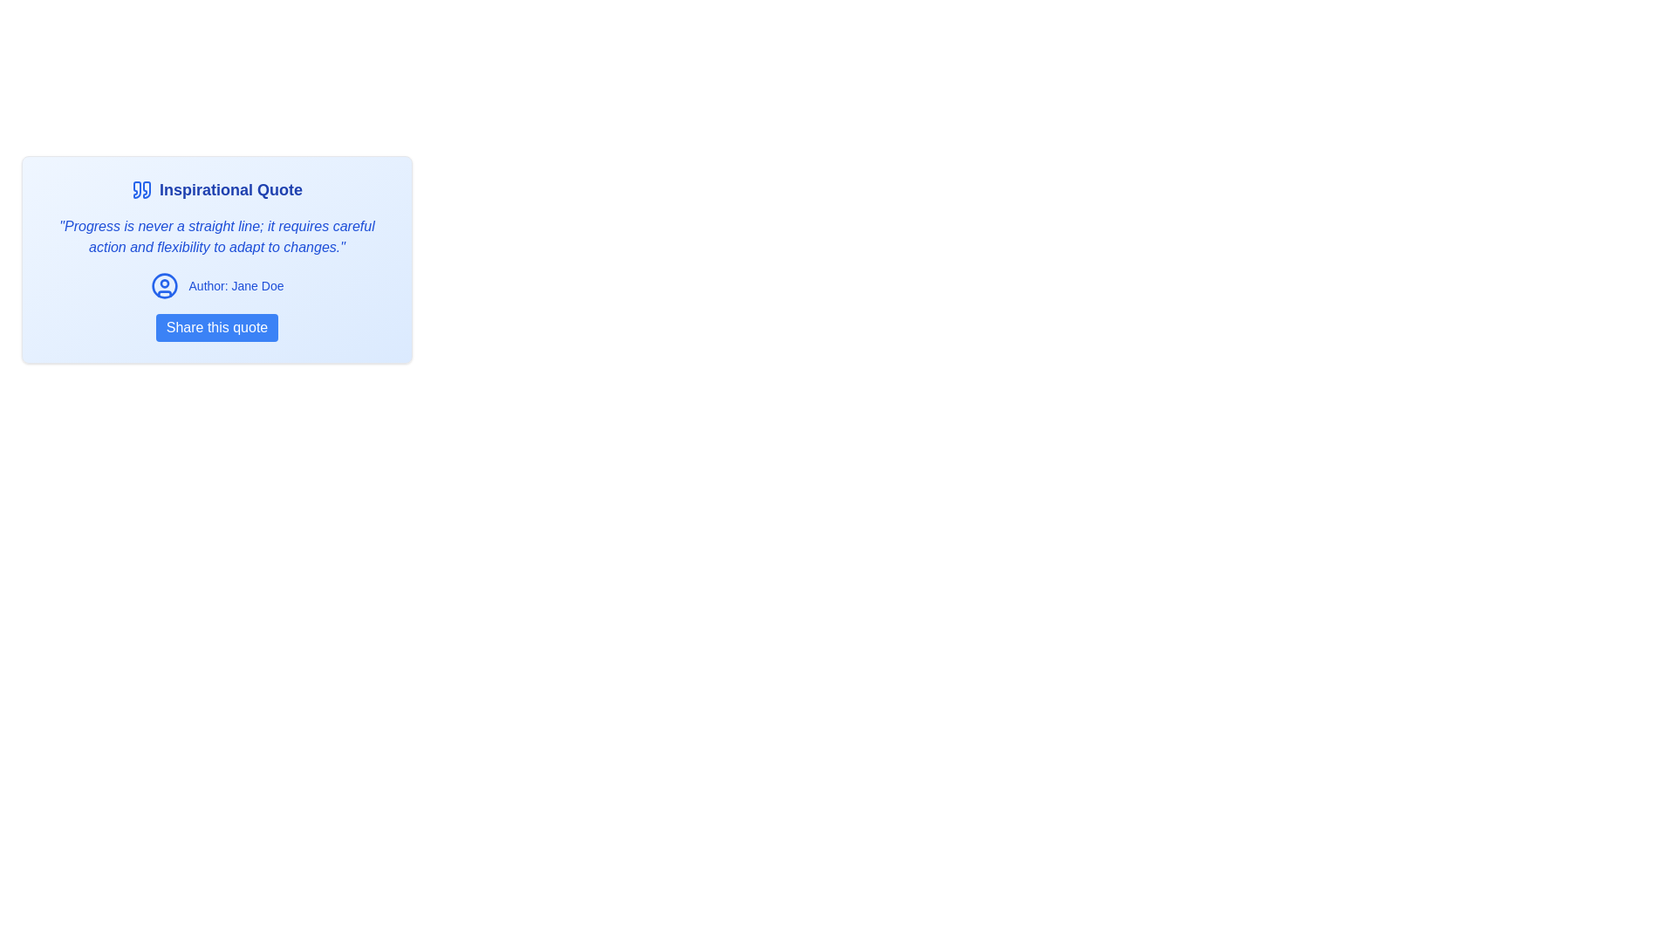 The image size is (1675, 942). I want to click on the decorative icon located to the left of the 'Inspirational Quote' title, which enhances the thematic context of the content, so click(142, 190).